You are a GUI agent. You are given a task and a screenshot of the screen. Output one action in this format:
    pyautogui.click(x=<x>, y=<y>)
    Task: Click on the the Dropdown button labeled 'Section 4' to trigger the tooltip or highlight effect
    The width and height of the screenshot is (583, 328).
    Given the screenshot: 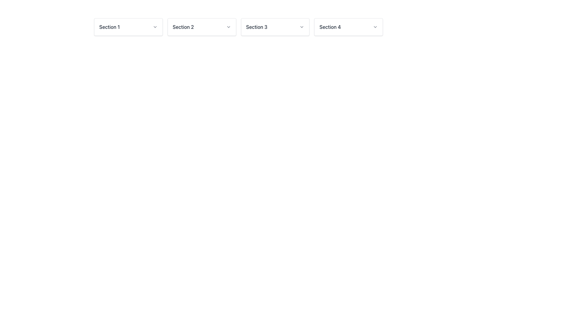 What is the action you would take?
    pyautogui.click(x=349, y=26)
    